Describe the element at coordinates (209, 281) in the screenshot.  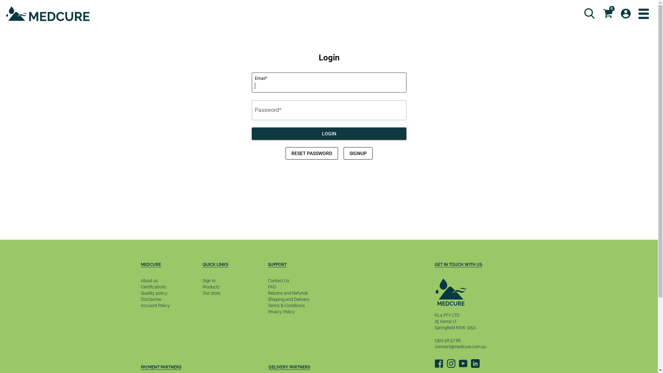
I see `'Sign In'` at that location.